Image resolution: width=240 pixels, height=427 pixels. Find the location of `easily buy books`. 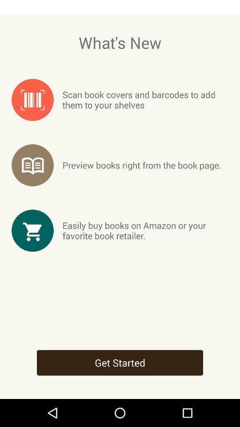

easily buy books is located at coordinates (145, 230).